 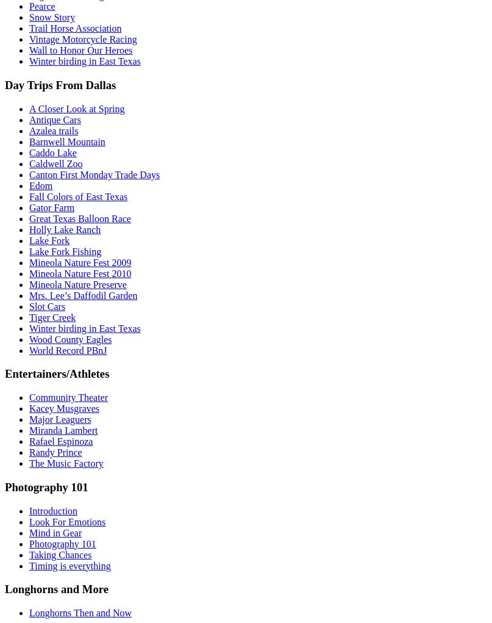 What do you see at coordinates (60, 441) in the screenshot?
I see `'Rafael Espinoza'` at bounding box center [60, 441].